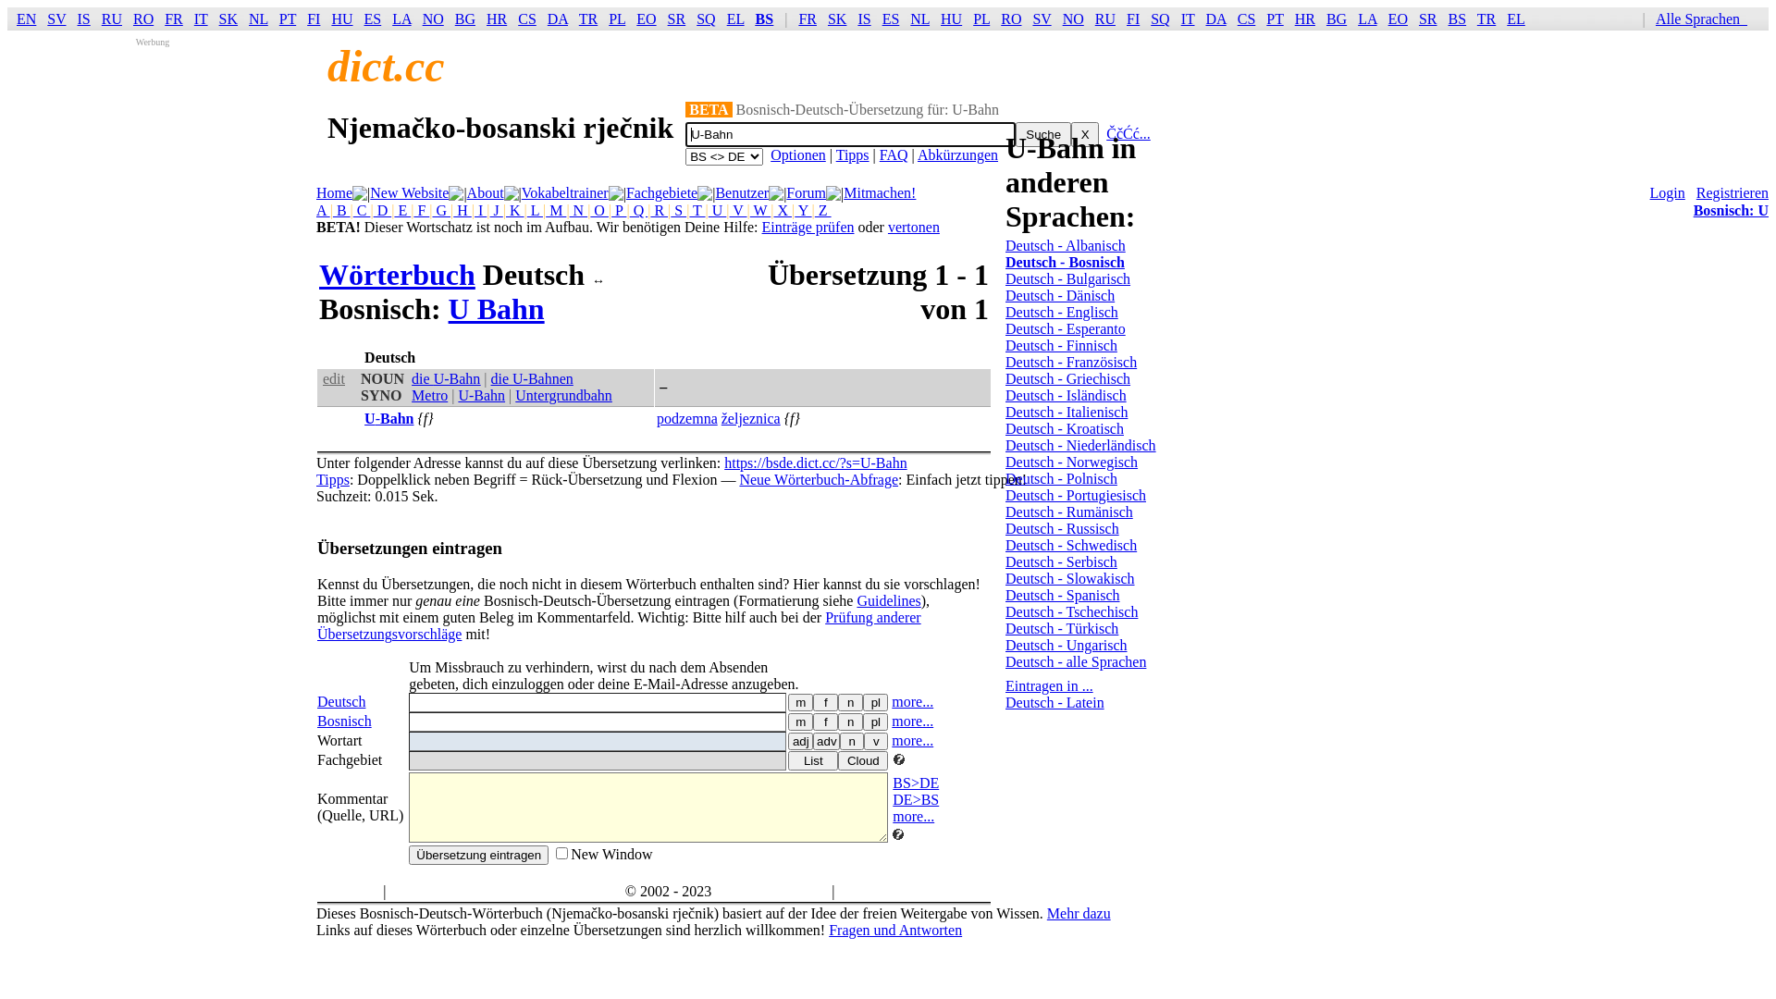  What do you see at coordinates (1061, 345) in the screenshot?
I see `'Deutsch - Finnisch'` at bounding box center [1061, 345].